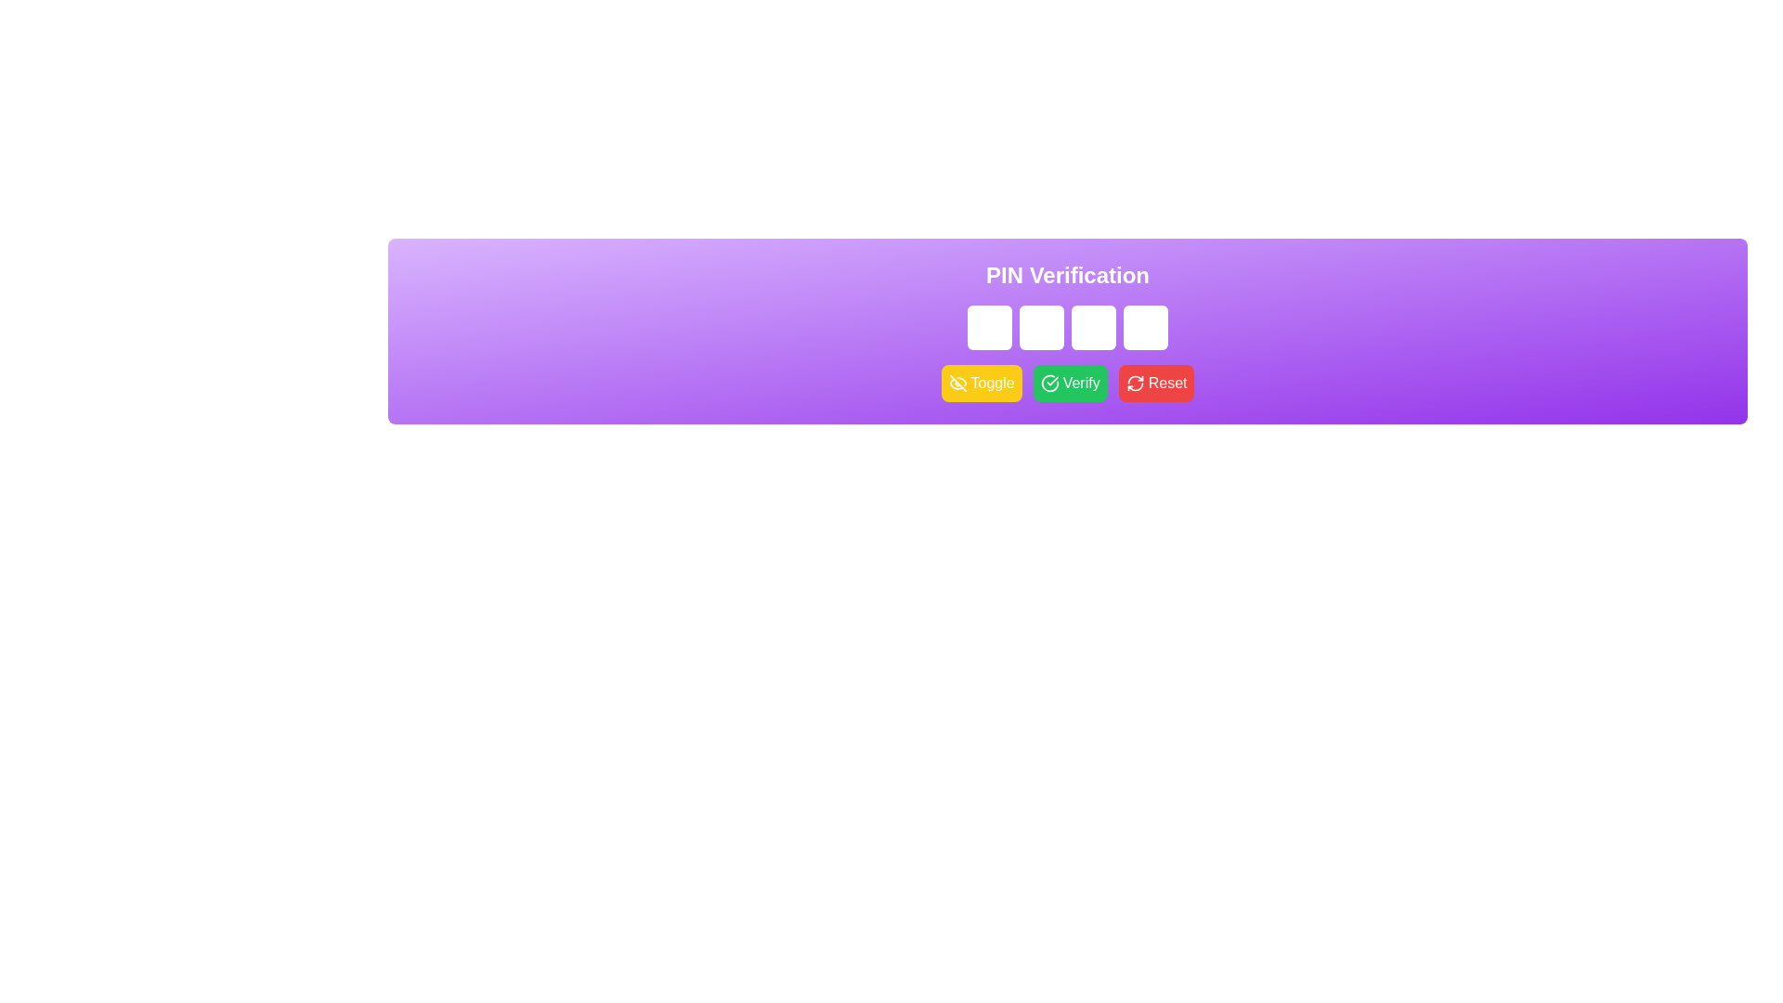 The width and height of the screenshot is (1783, 1003). What do you see at coordinates (981, 382) in the screenshot?
I see `the leftmost button in the 'PIN Verification' section` at bounding box center [981, 382].